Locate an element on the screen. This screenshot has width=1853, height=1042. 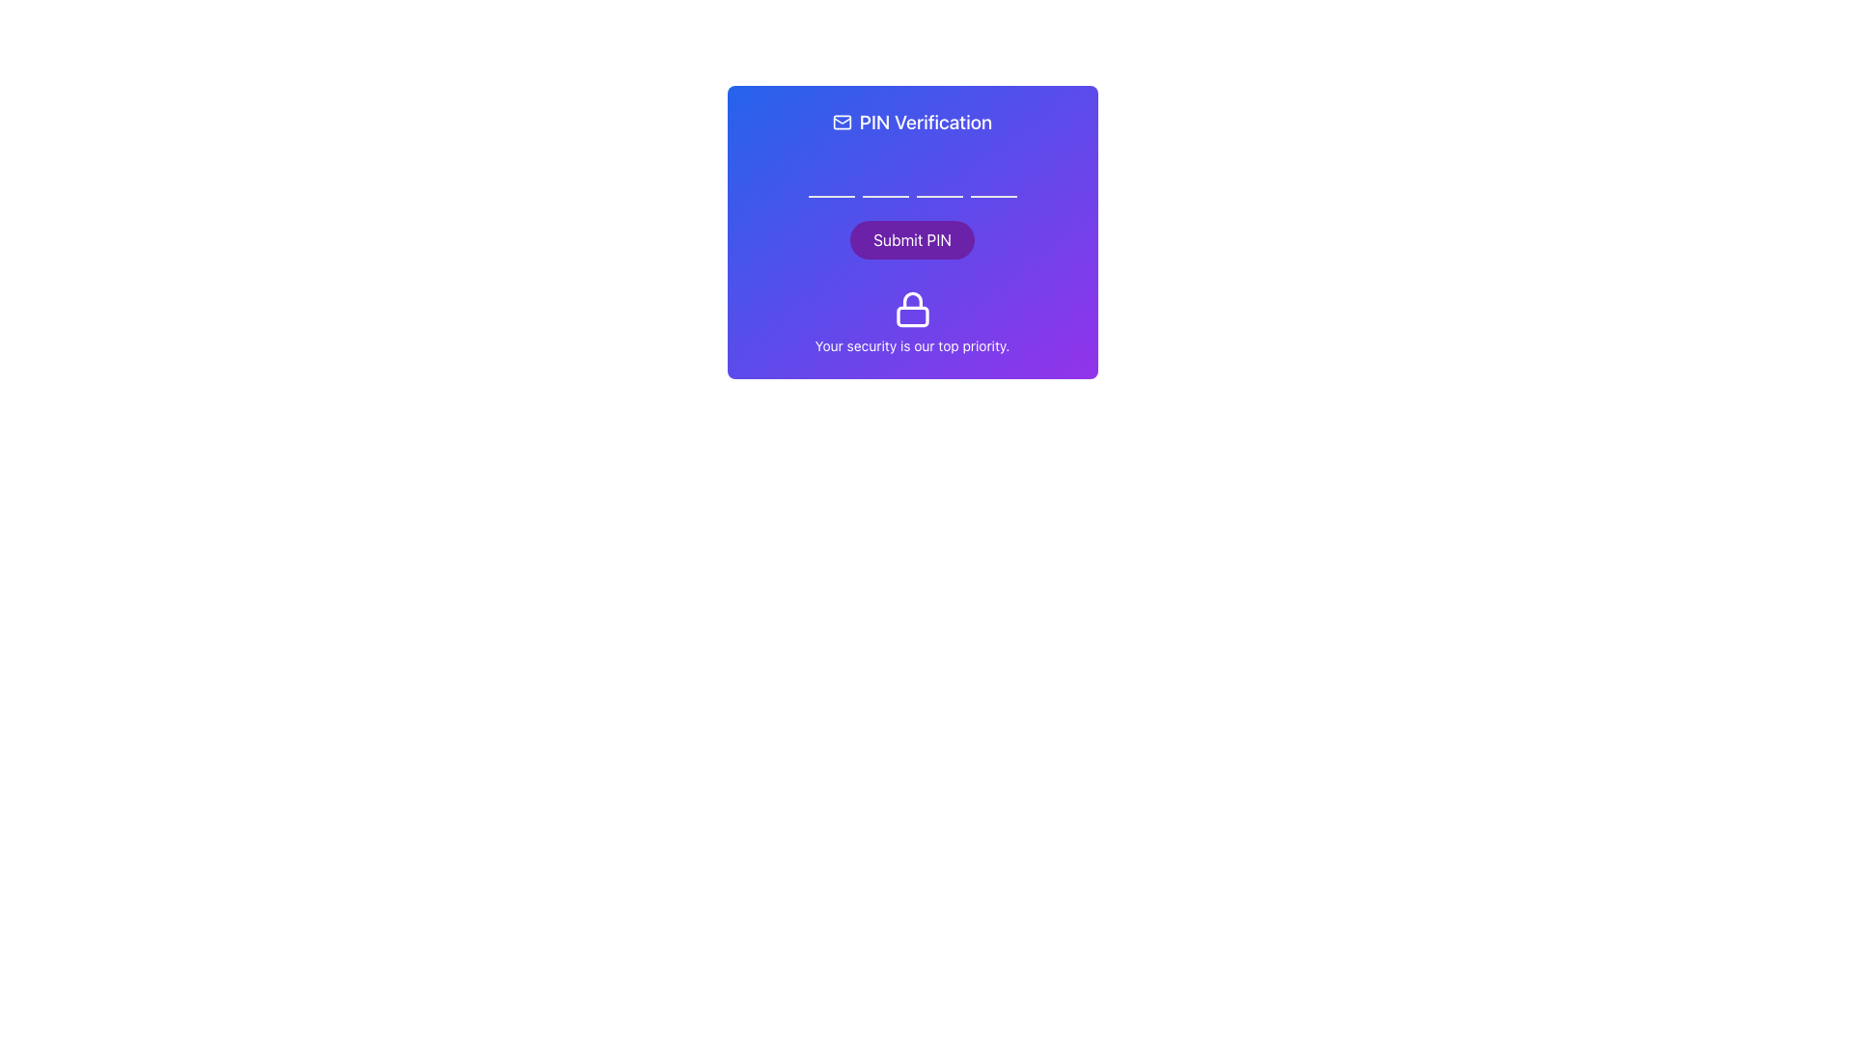
the submit button located below the PIN input fields and above the lock icon to observe a shade change is located at coordinates (911, 239).